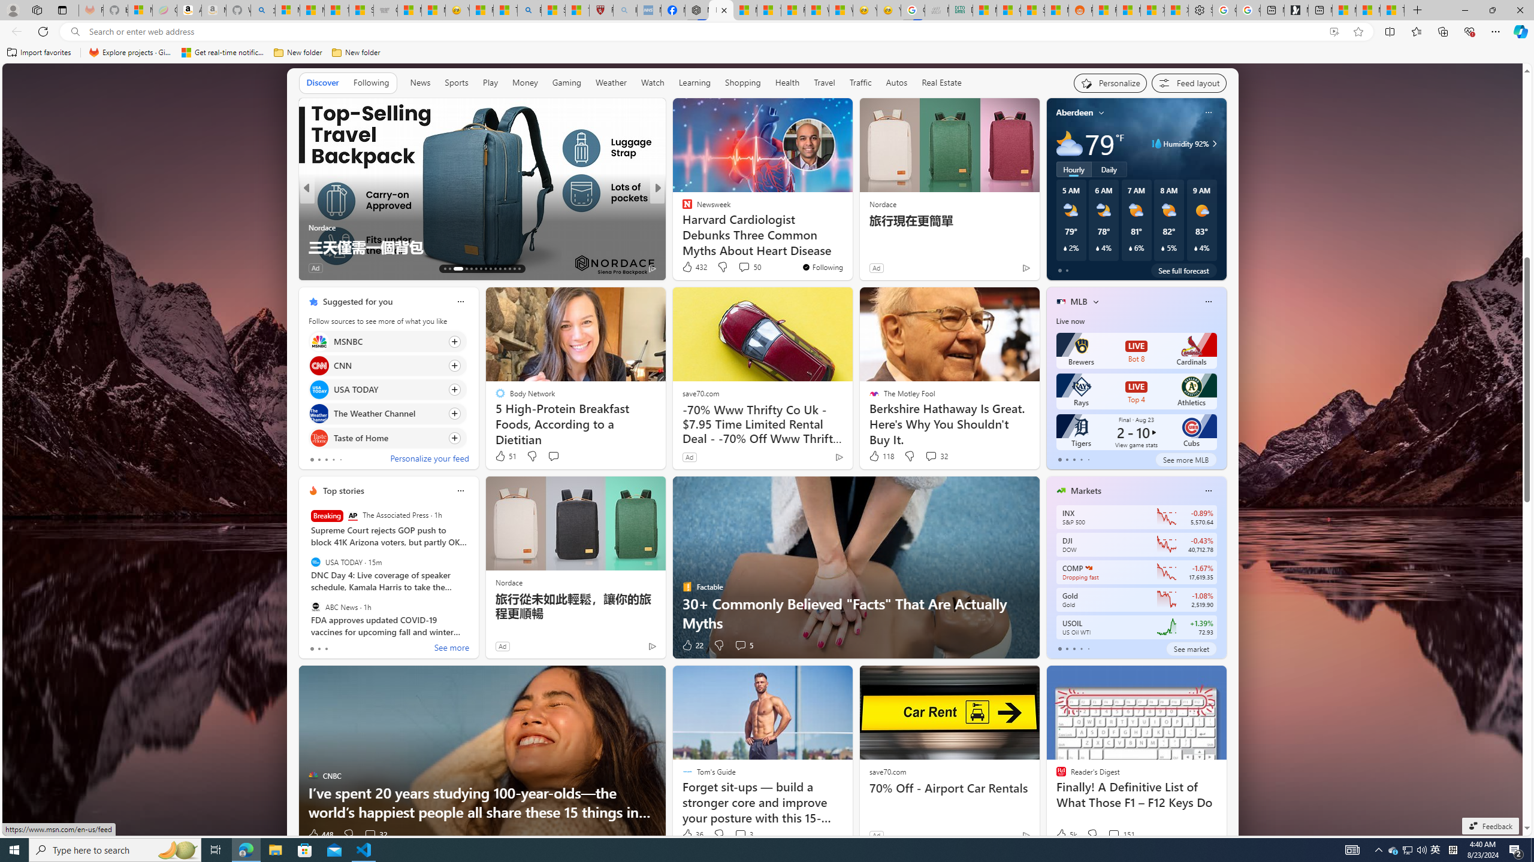 Image resolution: width=1534 pixels, height=862 pixels. Describe the element at coordinates (896, 82) in the screenshot. I see `'Autos'` at that location.